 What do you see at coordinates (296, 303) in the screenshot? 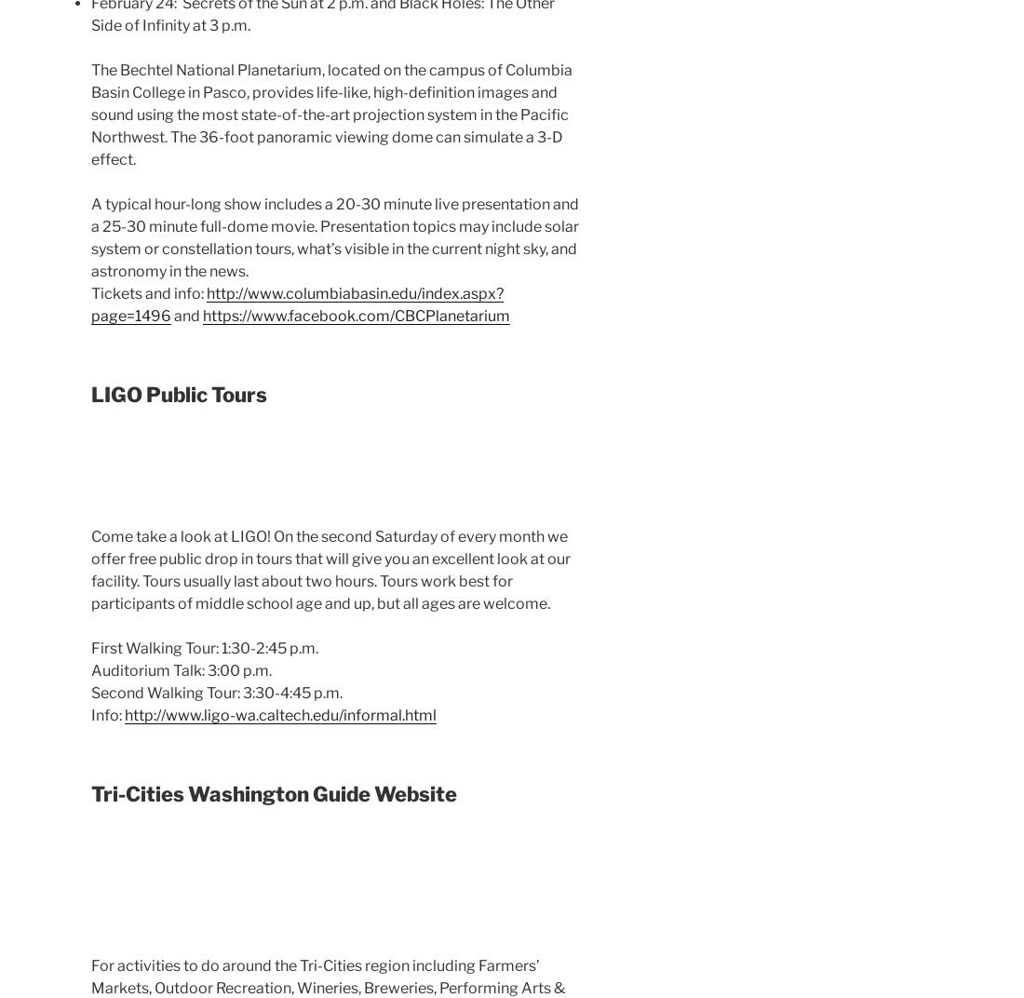
I see `'http://www.columbiabasin.edu/index.aspx?page=1496'` at bounding box center [296, 303].